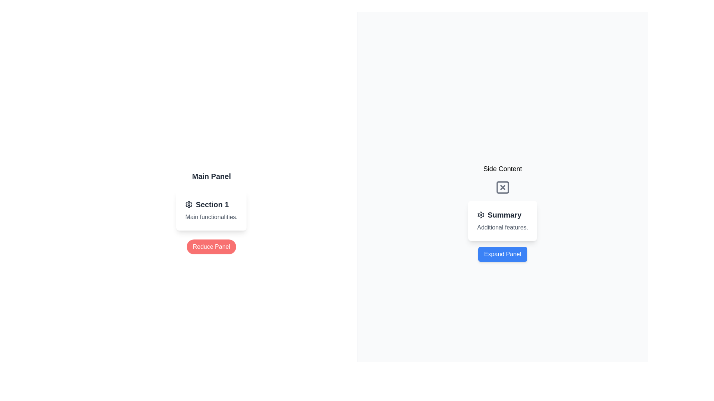  What do you see at coordinates (502, 187) in the screenshot?
I see `the 'X' icon, which is part of a square icon in the top of the 'Side Content' section` at bounding box center [502, 187].